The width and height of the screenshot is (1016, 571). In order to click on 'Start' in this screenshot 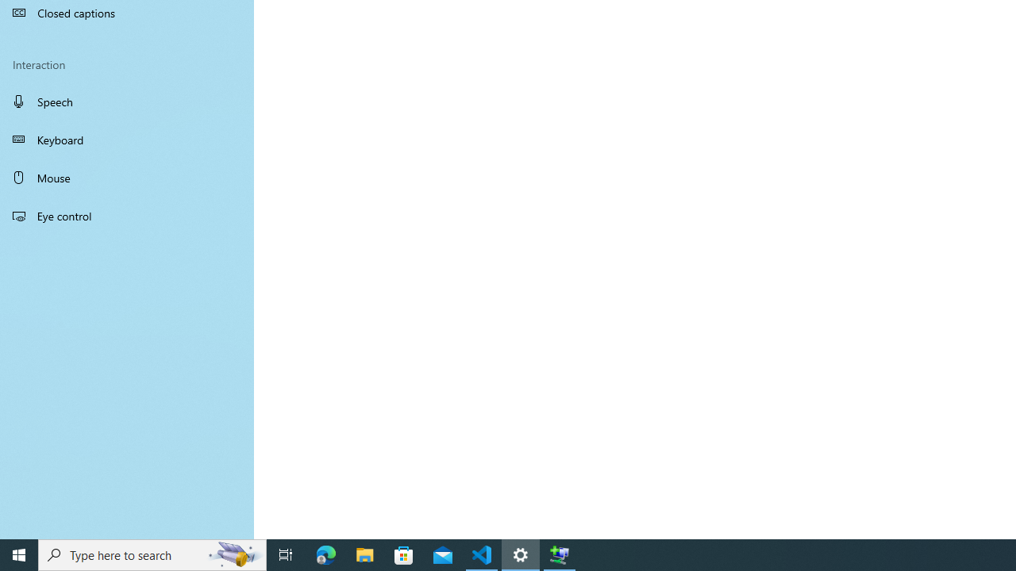, I will do `click(19, 554)`.